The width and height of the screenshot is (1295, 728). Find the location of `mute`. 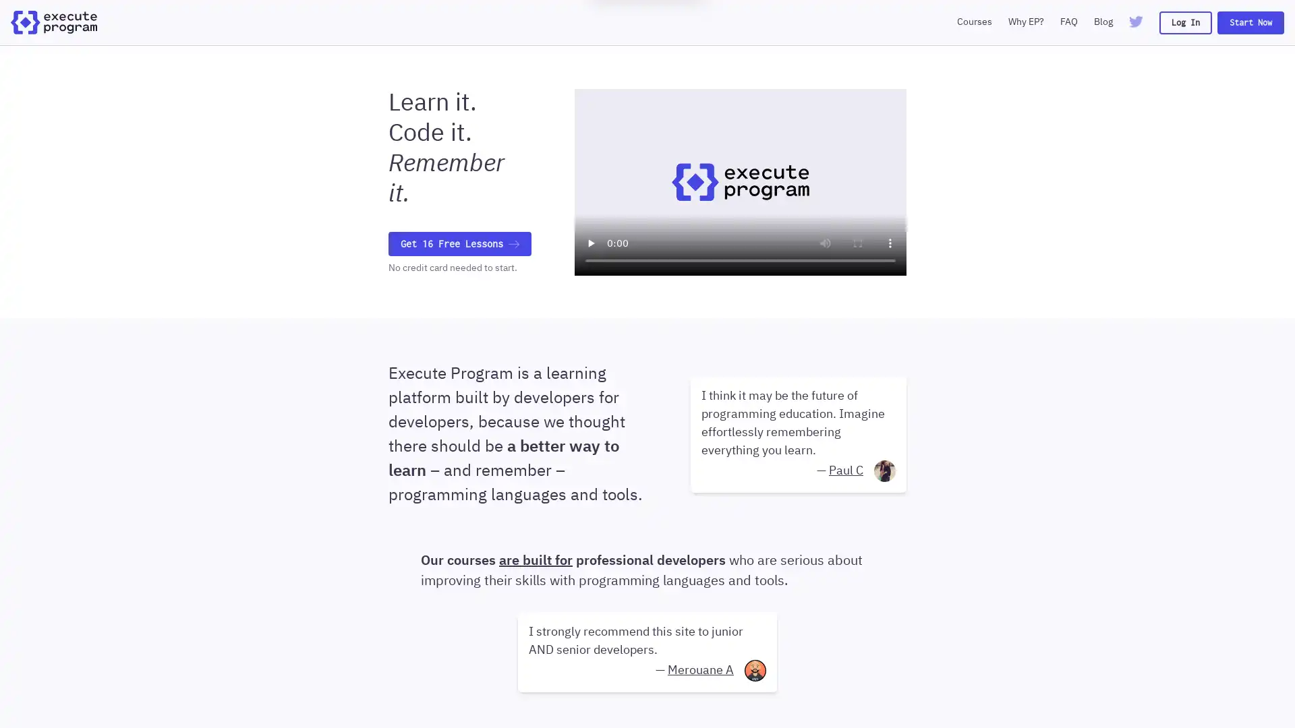

mute is located at coordinates (825, 241).